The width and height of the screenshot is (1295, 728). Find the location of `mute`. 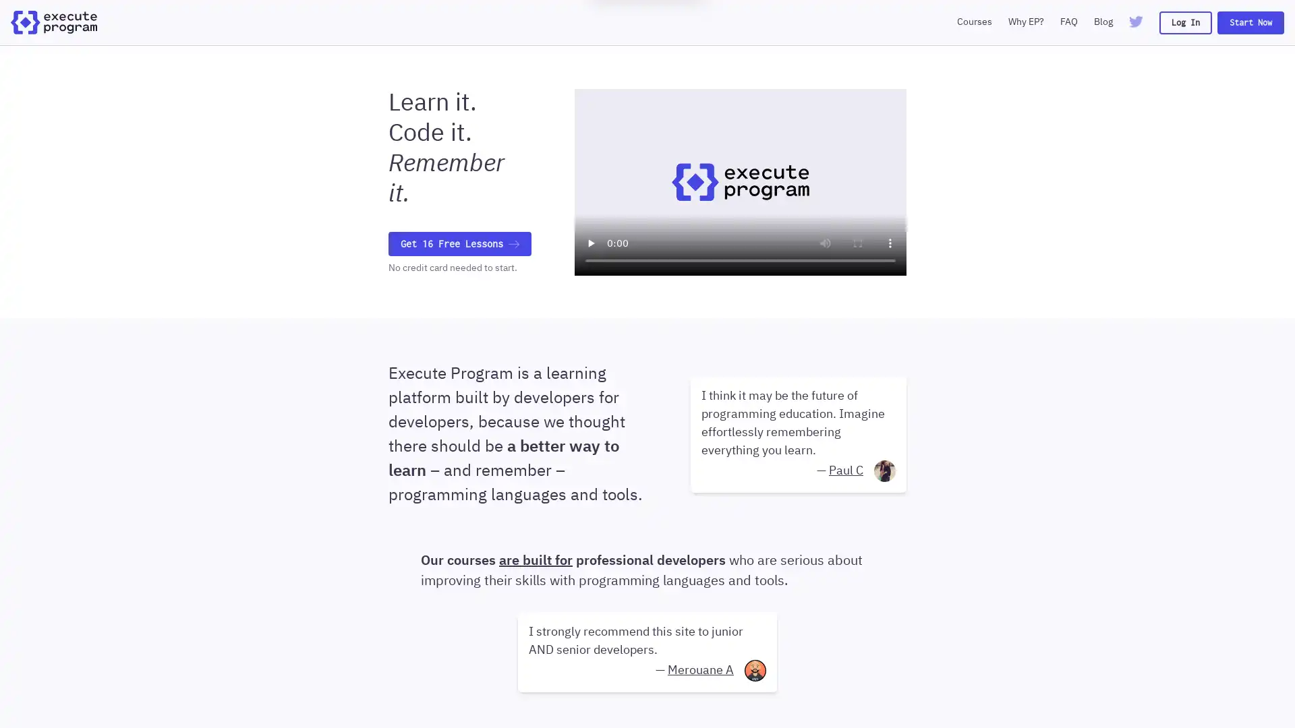

mute is located at coordinates (825, 241).